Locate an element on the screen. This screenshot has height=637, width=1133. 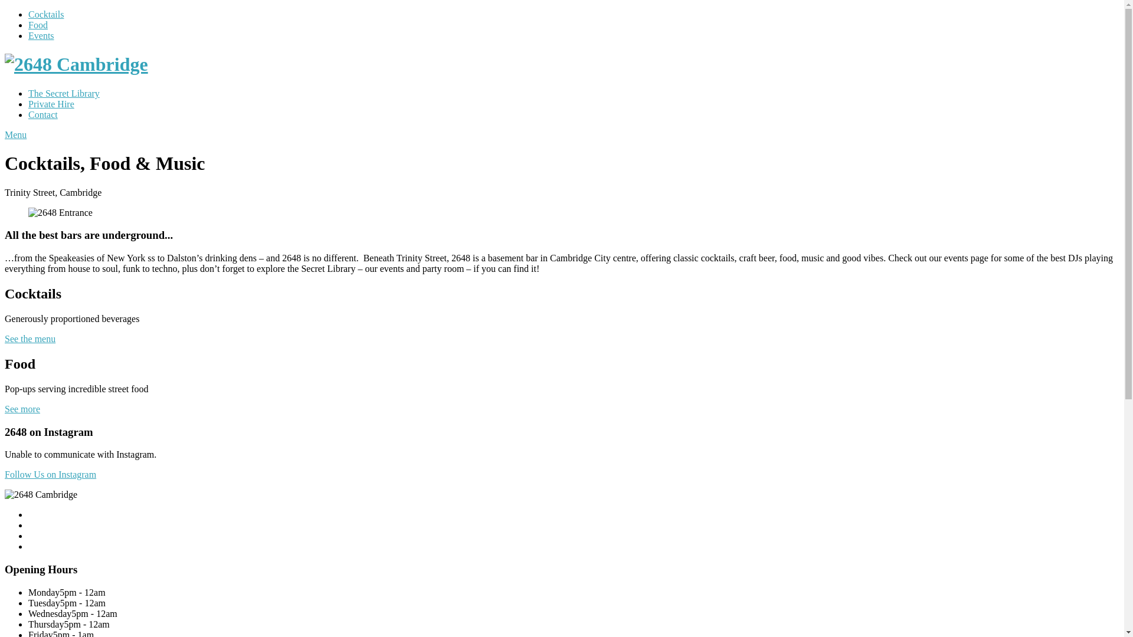
'Follow Us on Instagram' is located at coordinates (50, 474).